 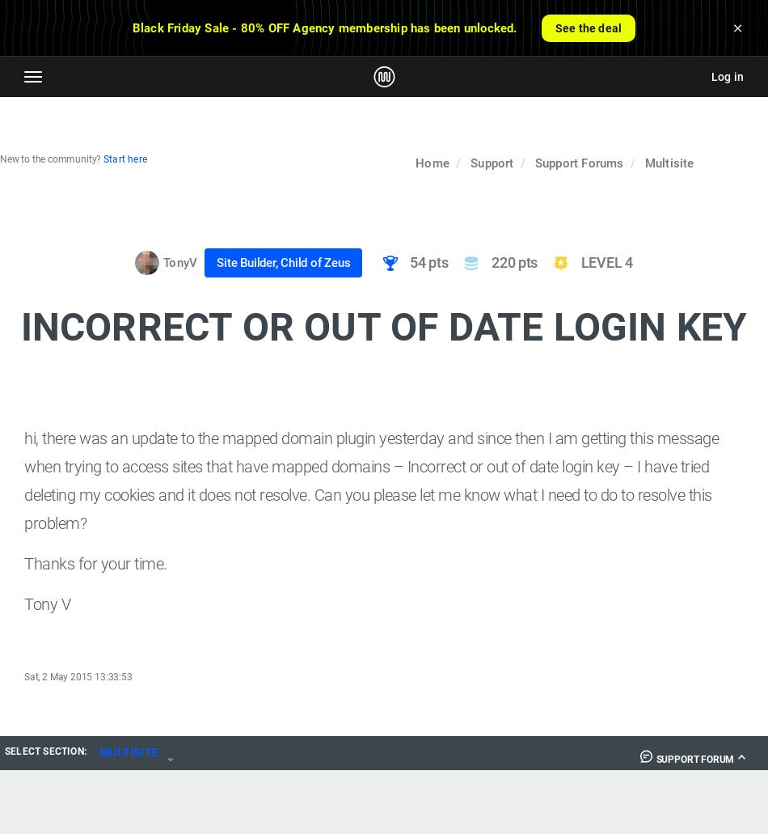 I want to click on 'See the deal', so click(x=587, y=28).